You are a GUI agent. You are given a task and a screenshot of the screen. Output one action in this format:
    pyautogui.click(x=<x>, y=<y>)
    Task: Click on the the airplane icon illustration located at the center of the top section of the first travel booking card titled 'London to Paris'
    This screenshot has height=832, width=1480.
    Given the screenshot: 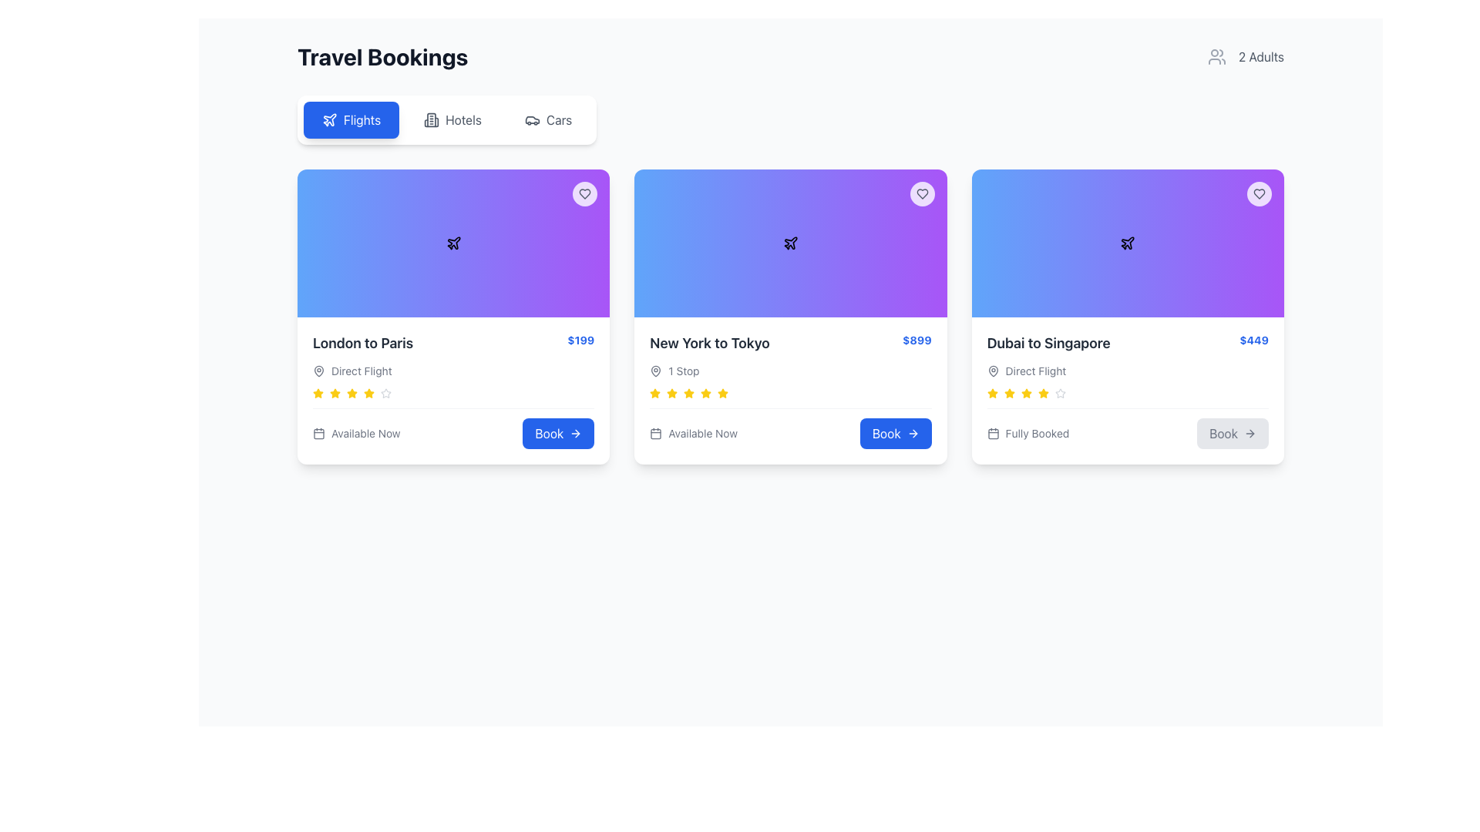 What is the action you would take?
    pyautogui.click(x=452, y=243)
    